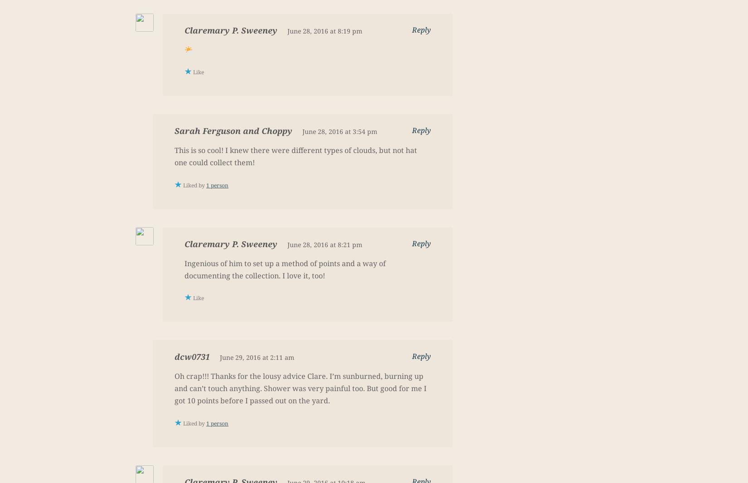  What do you see at coordinates (256, 357) in the screenshot?
I see `'June 29, 2016 at 2:11 am'` at bounding box center [256, 357].